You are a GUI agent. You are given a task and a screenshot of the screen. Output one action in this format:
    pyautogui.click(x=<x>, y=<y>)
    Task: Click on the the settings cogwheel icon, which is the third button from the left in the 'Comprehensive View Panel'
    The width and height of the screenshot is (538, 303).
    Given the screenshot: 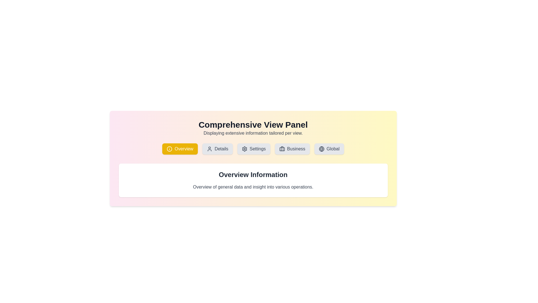 What is the action you would take?
    pyautogui.click(x=244, y=149)
    